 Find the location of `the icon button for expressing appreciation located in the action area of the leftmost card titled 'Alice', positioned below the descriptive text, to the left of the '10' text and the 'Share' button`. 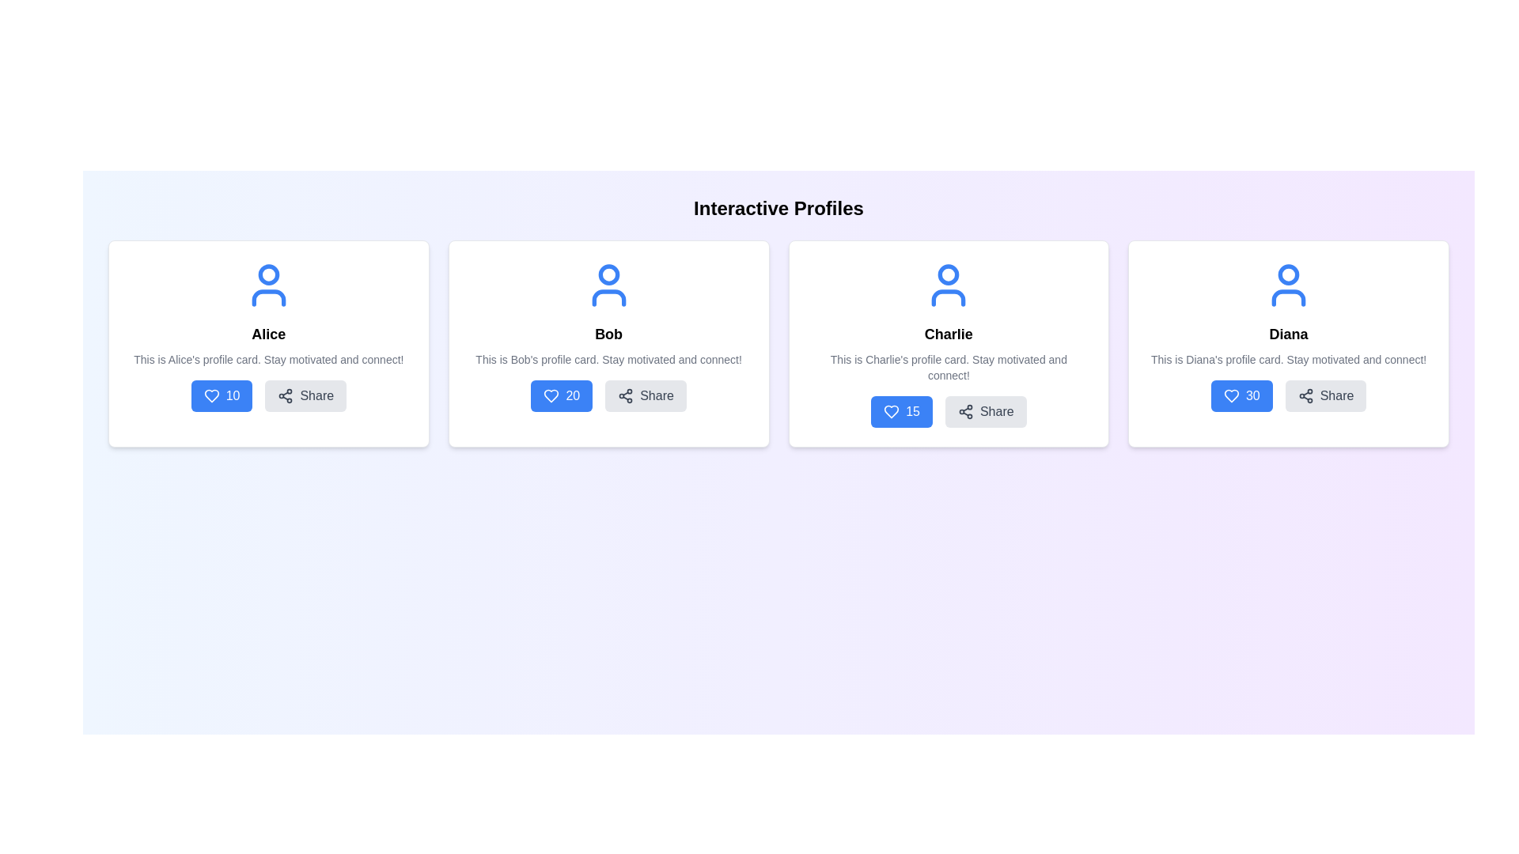

the icon button for expressing appreciation located in the action area of the leftmost card titled 'Alice', positioned below the descriptive text, to the left of the '10' text and the 'Share' button is located at coordinates (210, 395).